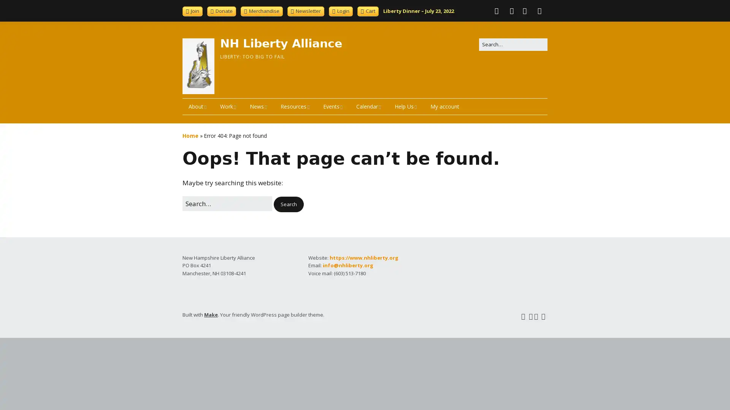  What do you see at coordinates (288, 203) in the screenshot?
I see `Search` at bounding box center [288, 203].